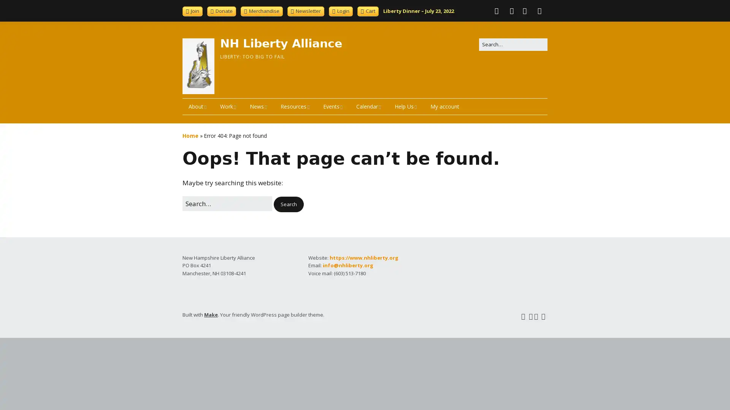  What do you see at coordinates (288, 203) in the screenshot?
I see `Search` at bounding box center [288, 203].